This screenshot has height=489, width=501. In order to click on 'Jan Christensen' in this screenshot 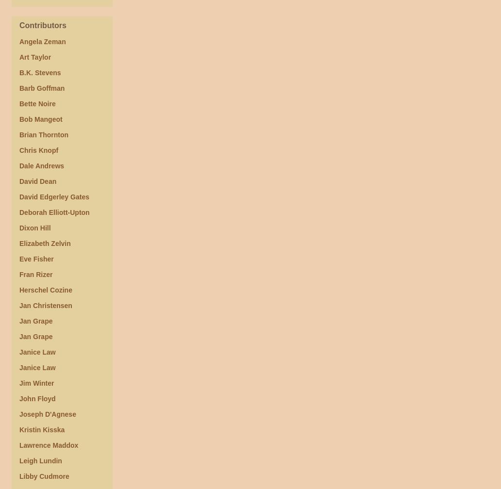, I will do `click(46, 306)`.